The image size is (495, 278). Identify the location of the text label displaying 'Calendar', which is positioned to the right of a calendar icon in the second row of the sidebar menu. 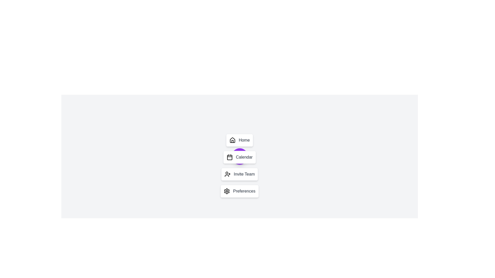
(244, 157).